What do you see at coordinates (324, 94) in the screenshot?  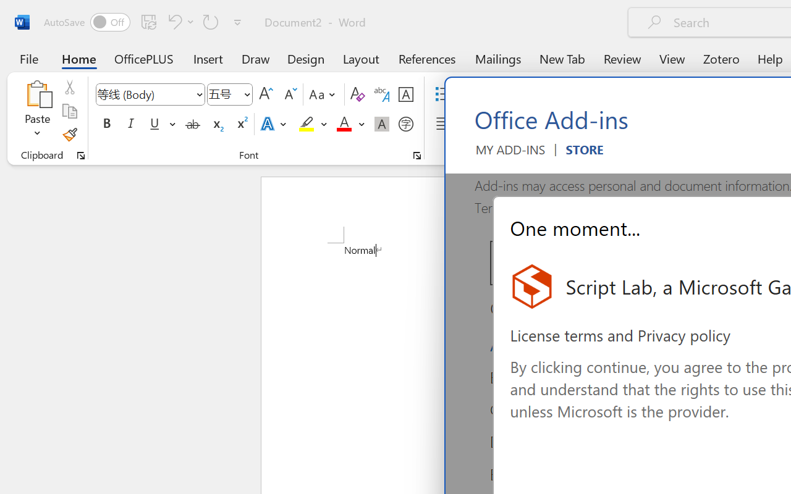 I see `'Change Case'` at bounding box center [324, 94].